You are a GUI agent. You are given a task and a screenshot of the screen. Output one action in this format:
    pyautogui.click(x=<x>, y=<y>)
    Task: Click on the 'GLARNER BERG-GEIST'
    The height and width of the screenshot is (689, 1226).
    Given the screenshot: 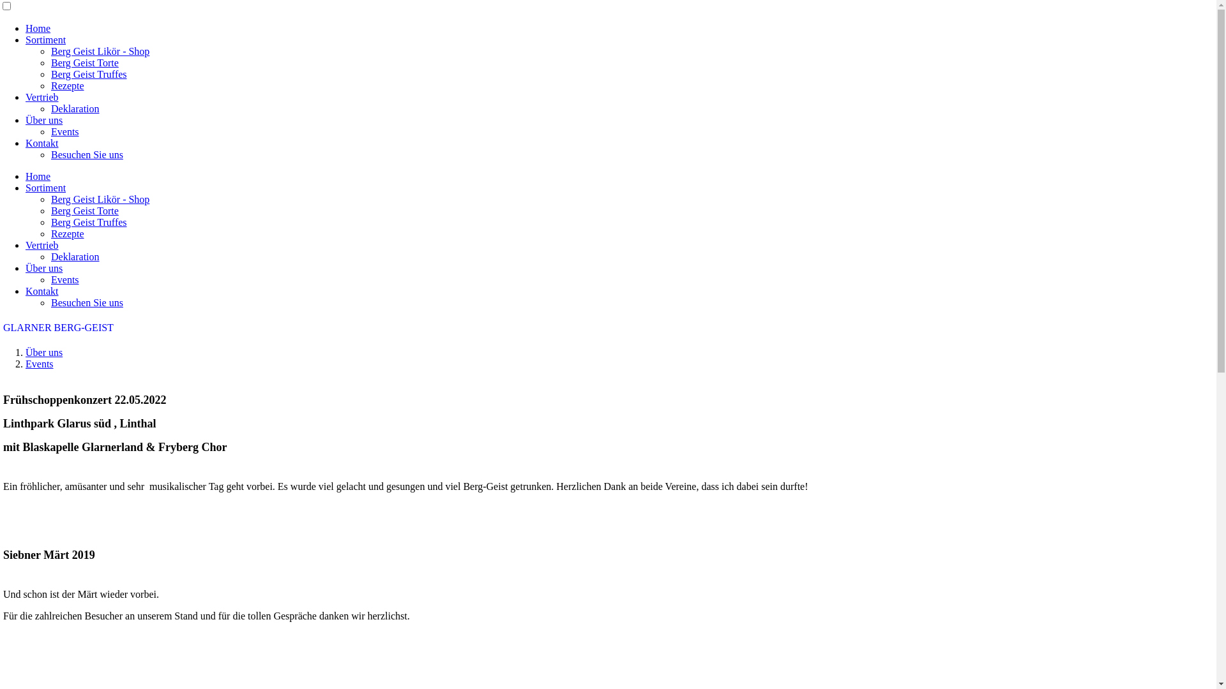 What is the action you would take?
    pyautogui.click(x=3, y=327)
    